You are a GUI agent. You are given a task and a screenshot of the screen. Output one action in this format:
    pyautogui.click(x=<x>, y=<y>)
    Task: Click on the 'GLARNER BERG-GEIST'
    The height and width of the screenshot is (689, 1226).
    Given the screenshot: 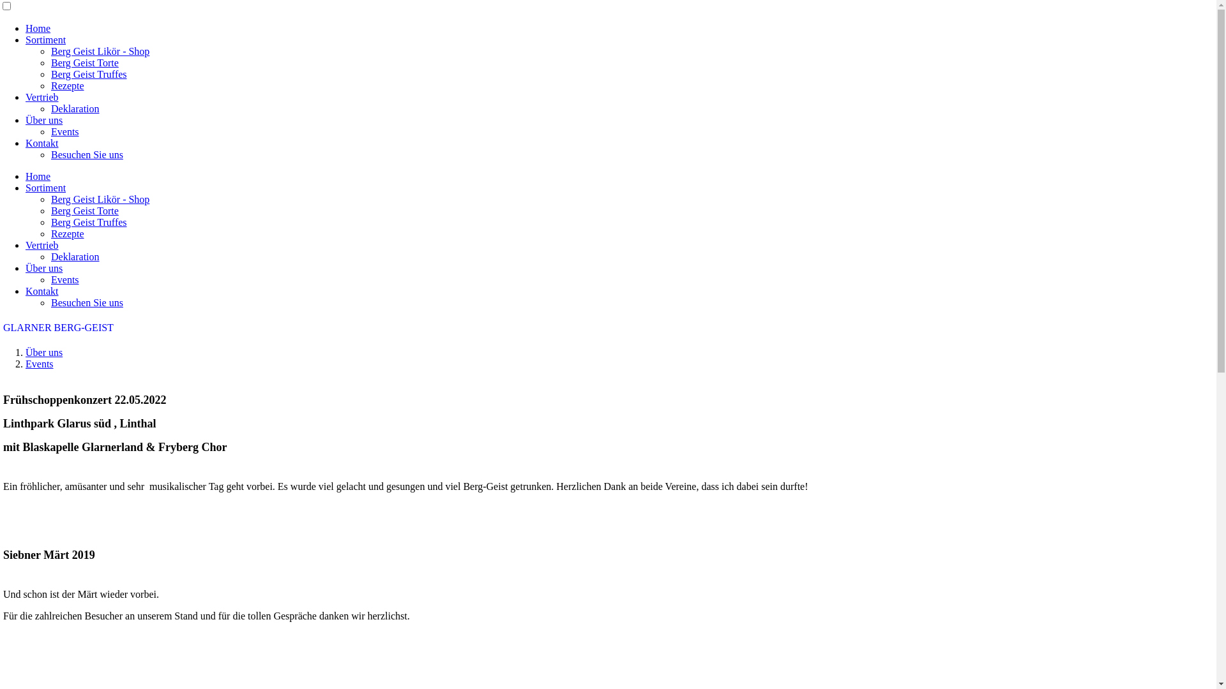 What is the action you would take?
    pyautogui.click(x=3, y=327)
    